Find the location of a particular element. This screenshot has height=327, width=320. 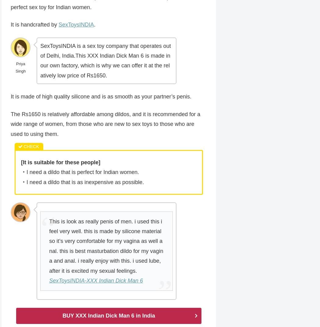

'[It is suitable for these people]' is located at coordinates (60, 162).